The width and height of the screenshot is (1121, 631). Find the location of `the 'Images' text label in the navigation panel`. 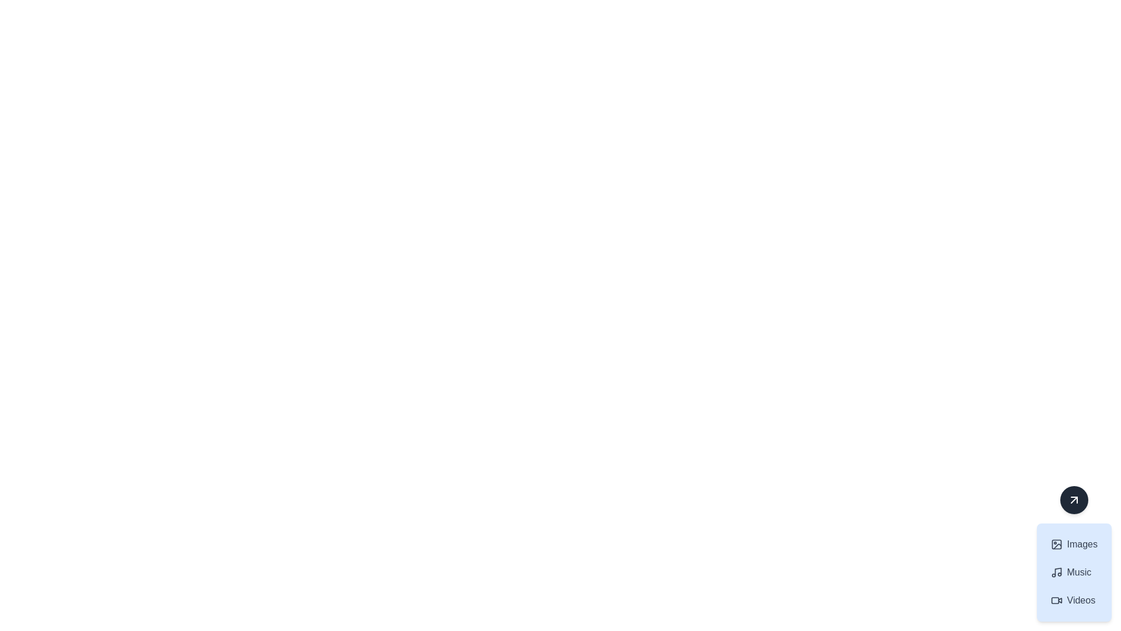

the 'Images' text label in the navigation panel is located at coordinates (1081, 545).